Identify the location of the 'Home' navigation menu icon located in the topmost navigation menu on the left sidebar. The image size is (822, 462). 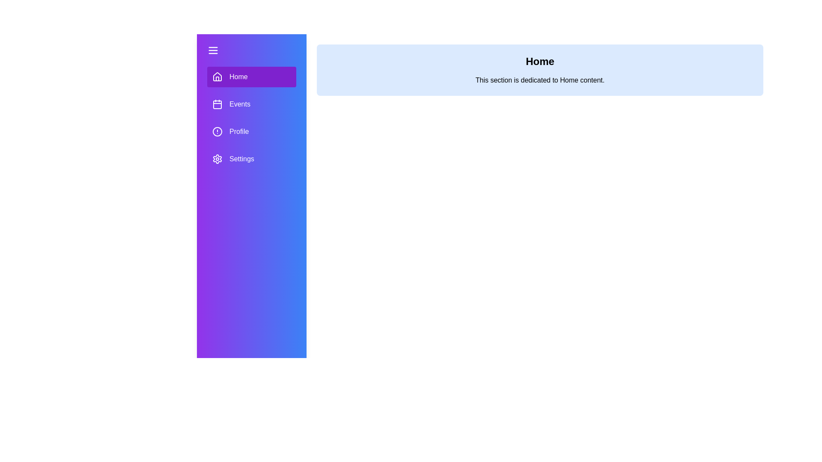
(217, 77).